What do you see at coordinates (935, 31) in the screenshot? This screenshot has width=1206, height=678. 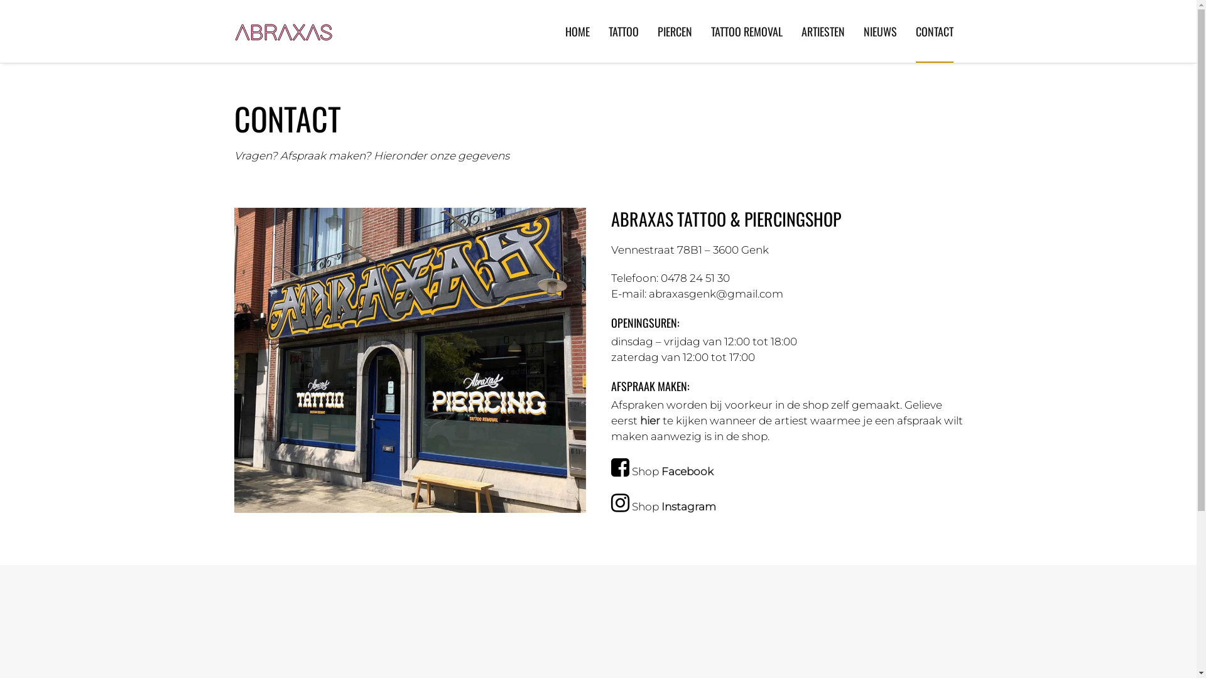 I see `'CONTACT'` at bounding box center [935, 31].